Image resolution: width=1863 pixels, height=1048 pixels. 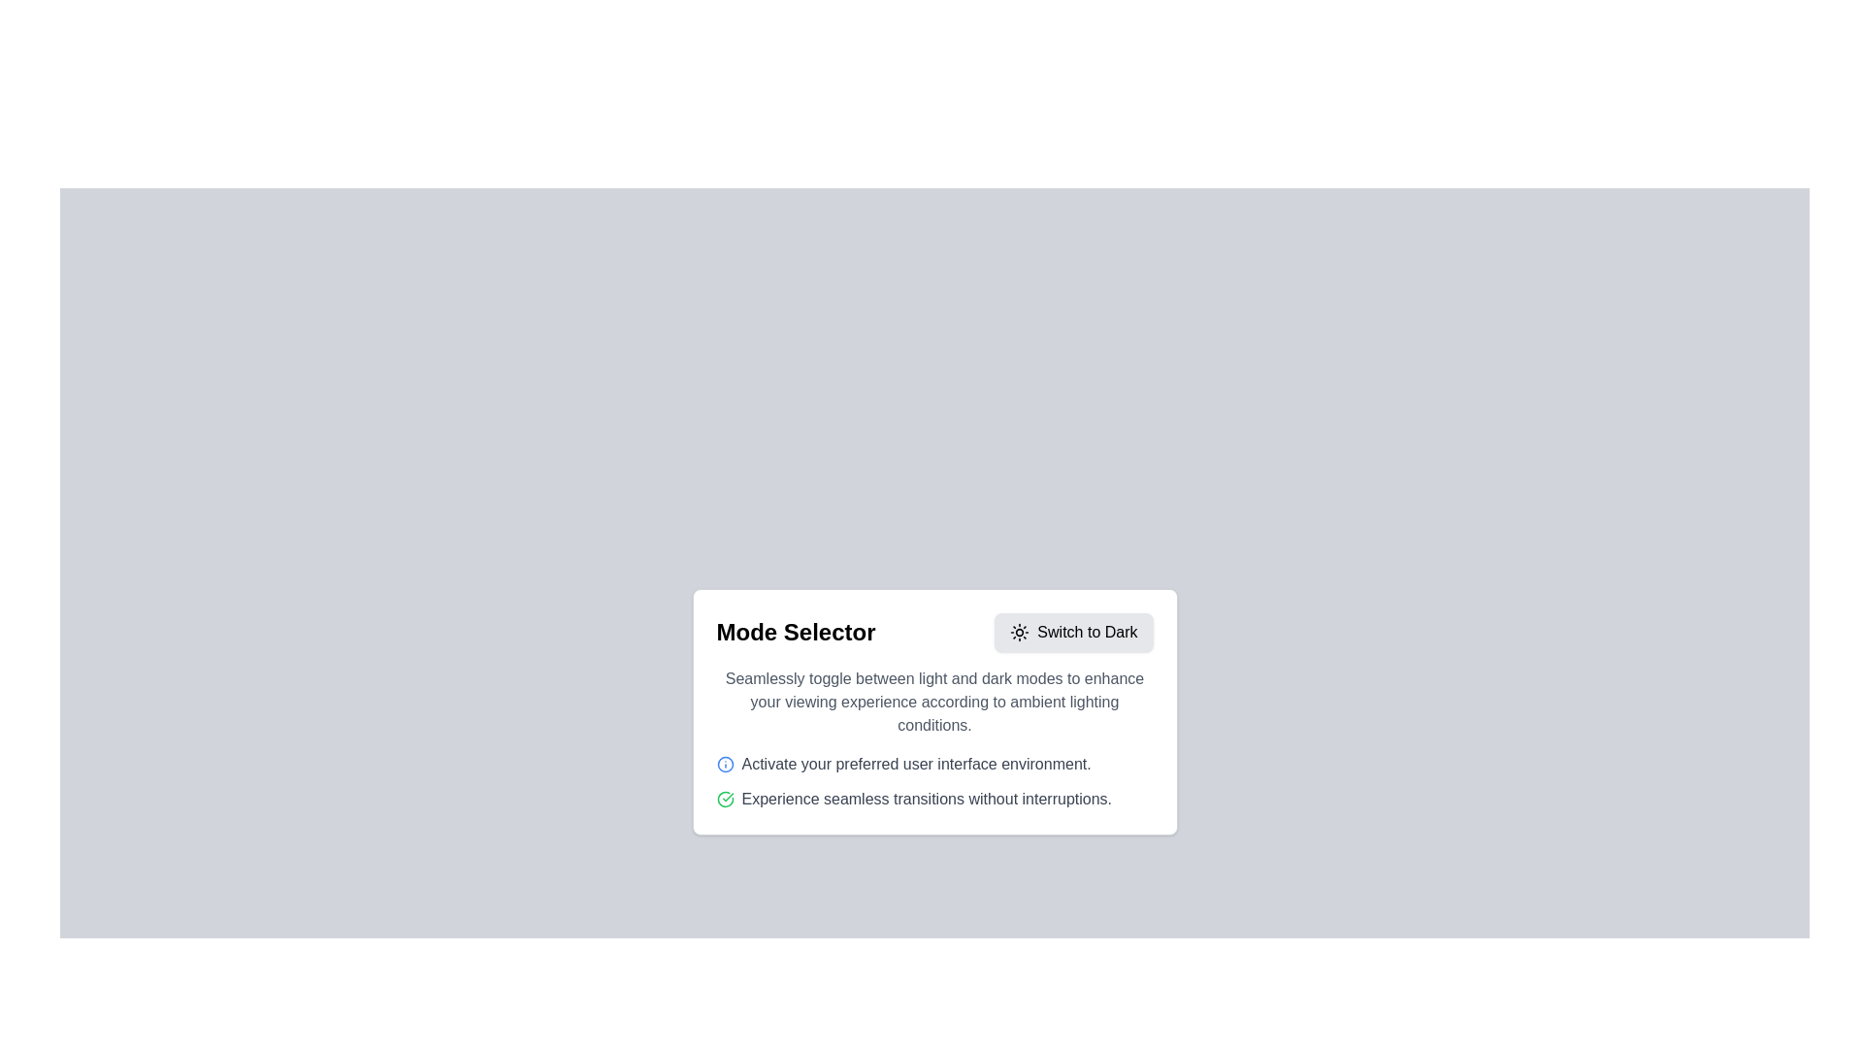 What do you see at coordinates (724, 800) in the screenshot?
I see `the circular icon with a green outline, which is part of the second list item and located to the left of a description paragraph` at bounding box center [724, 800].